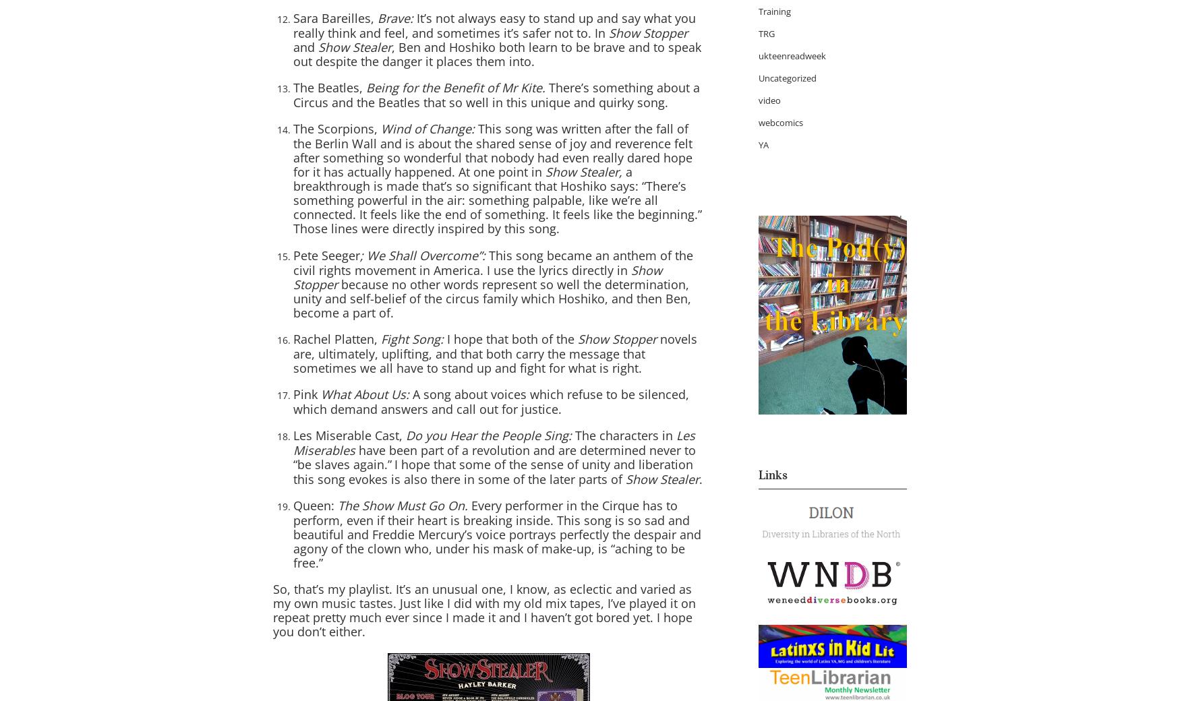 This screenshot has width=1180, height=701. I want to click on 'have been part of a revolution and are determined never to “be slaves again.”', so click(494, 457).